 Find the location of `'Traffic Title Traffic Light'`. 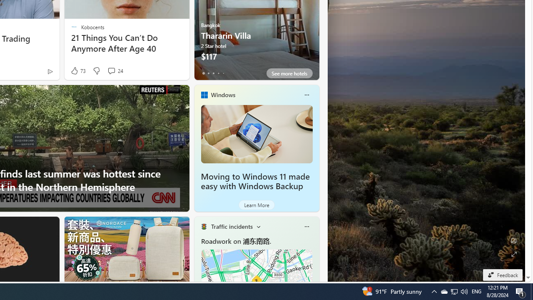

'Traffic Title Traffic Light' is located at coordinates (204, 226).